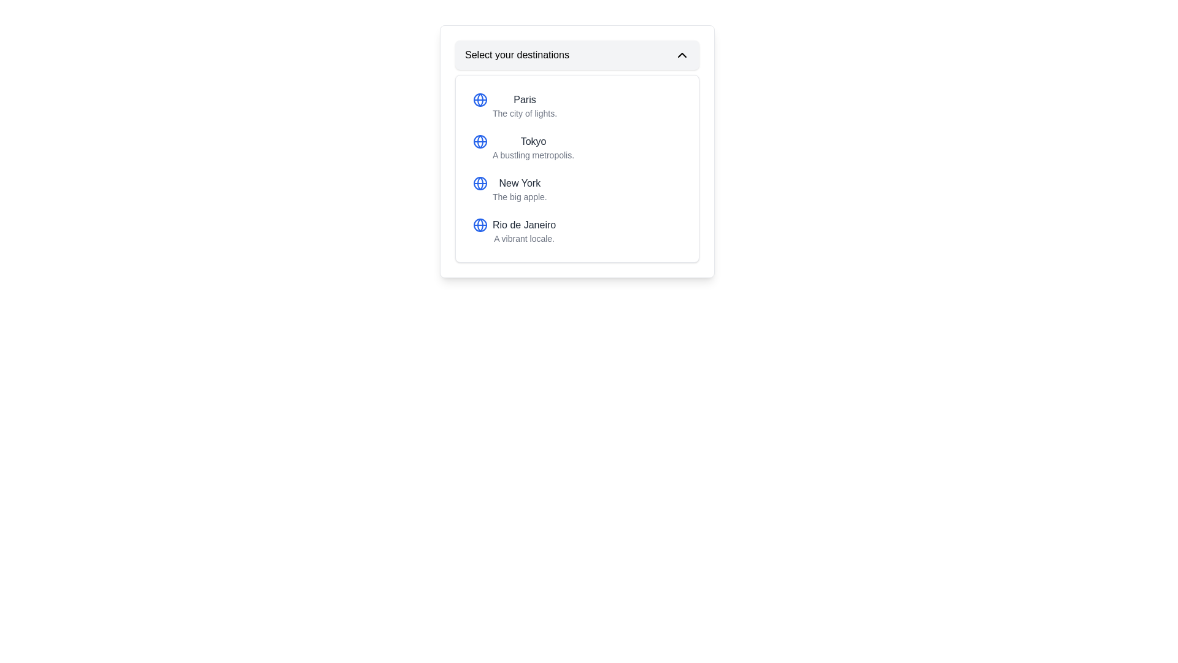 This screenshot has height=663, width=1178. I want to click on the text label reading 'Rio de Janeiro' which is the fourth item in the dropdown menu titled 'Select your destinations', so click(524, 225).